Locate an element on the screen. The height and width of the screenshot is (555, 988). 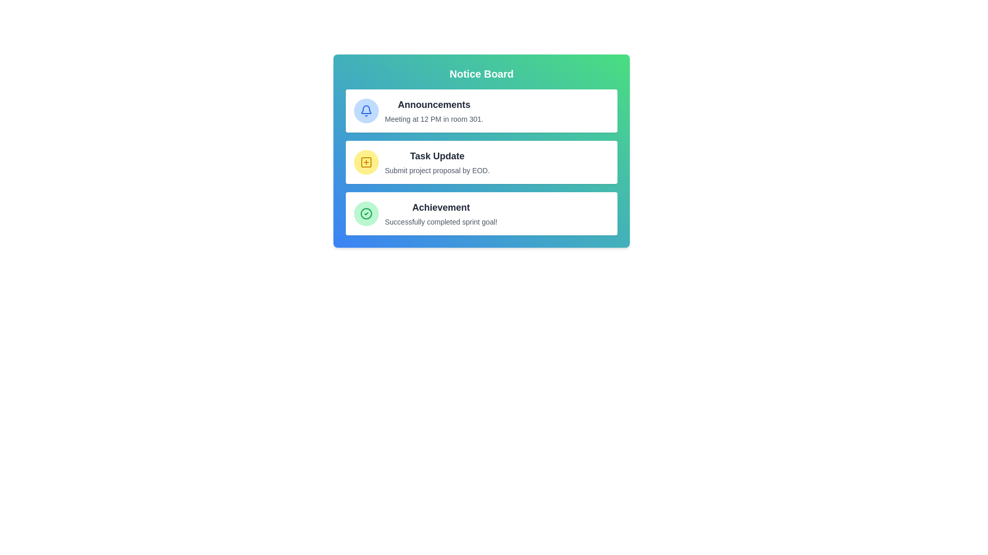
the icon representing the message type alert is located at coordinates (366, 162).